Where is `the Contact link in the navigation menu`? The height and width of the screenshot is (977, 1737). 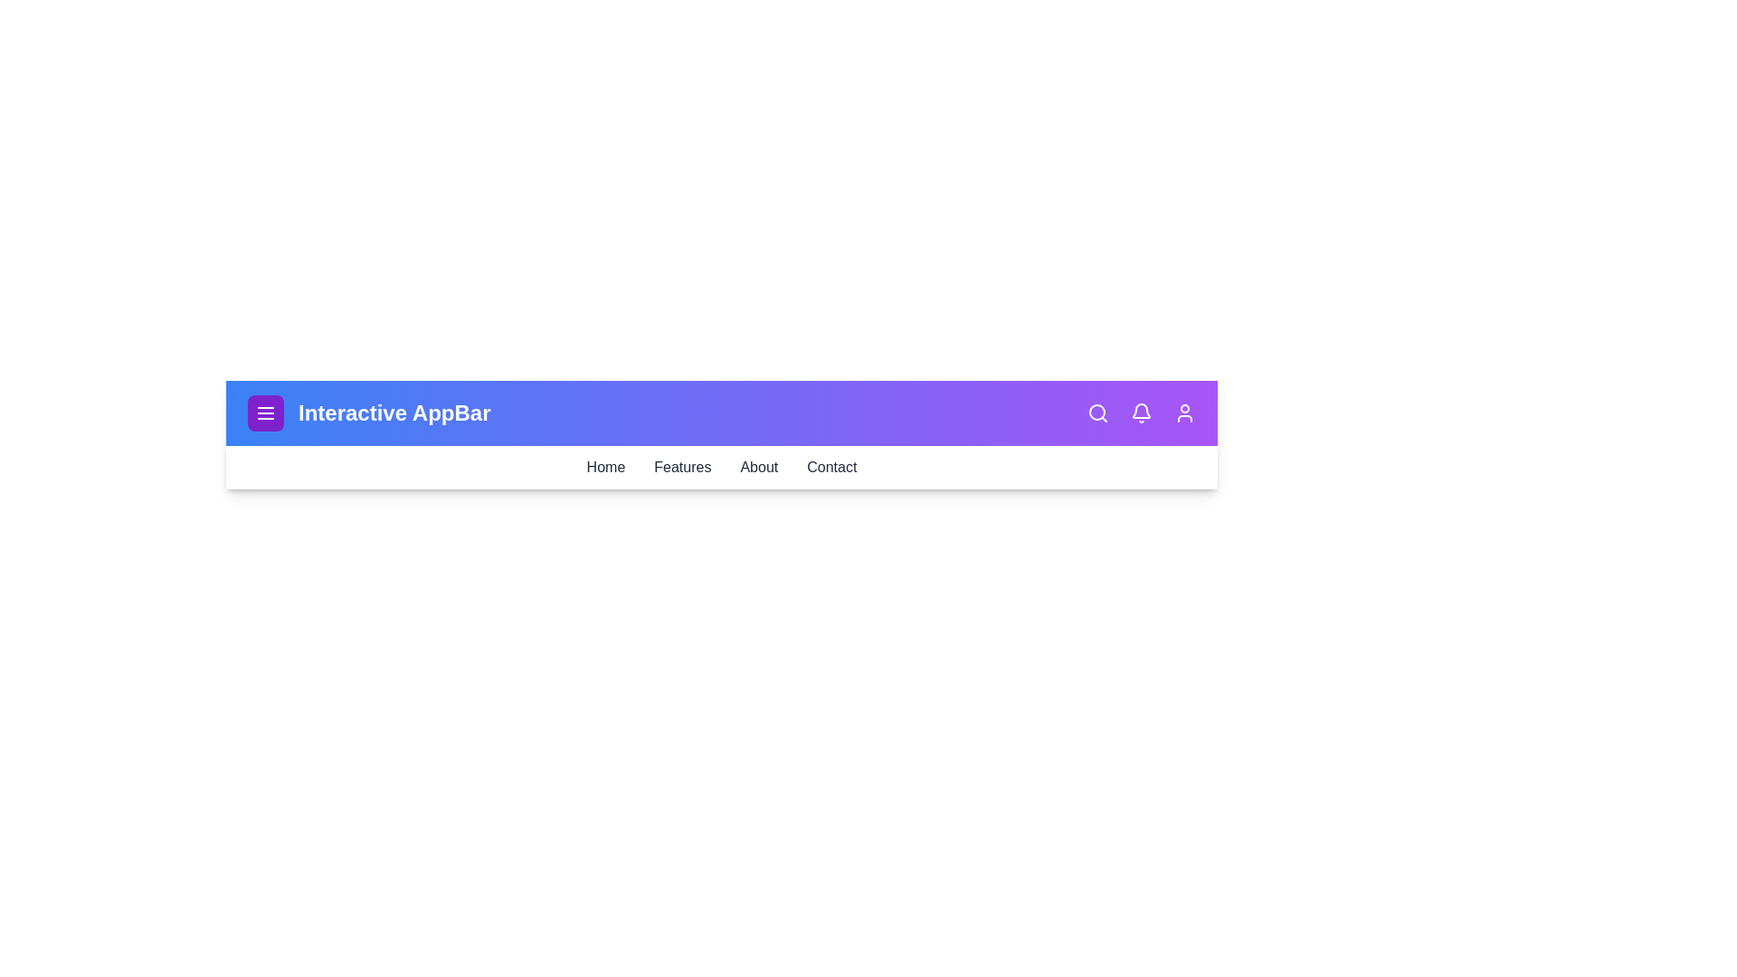
the Contact link in the navigation menu is located at coordinates (831, 466).